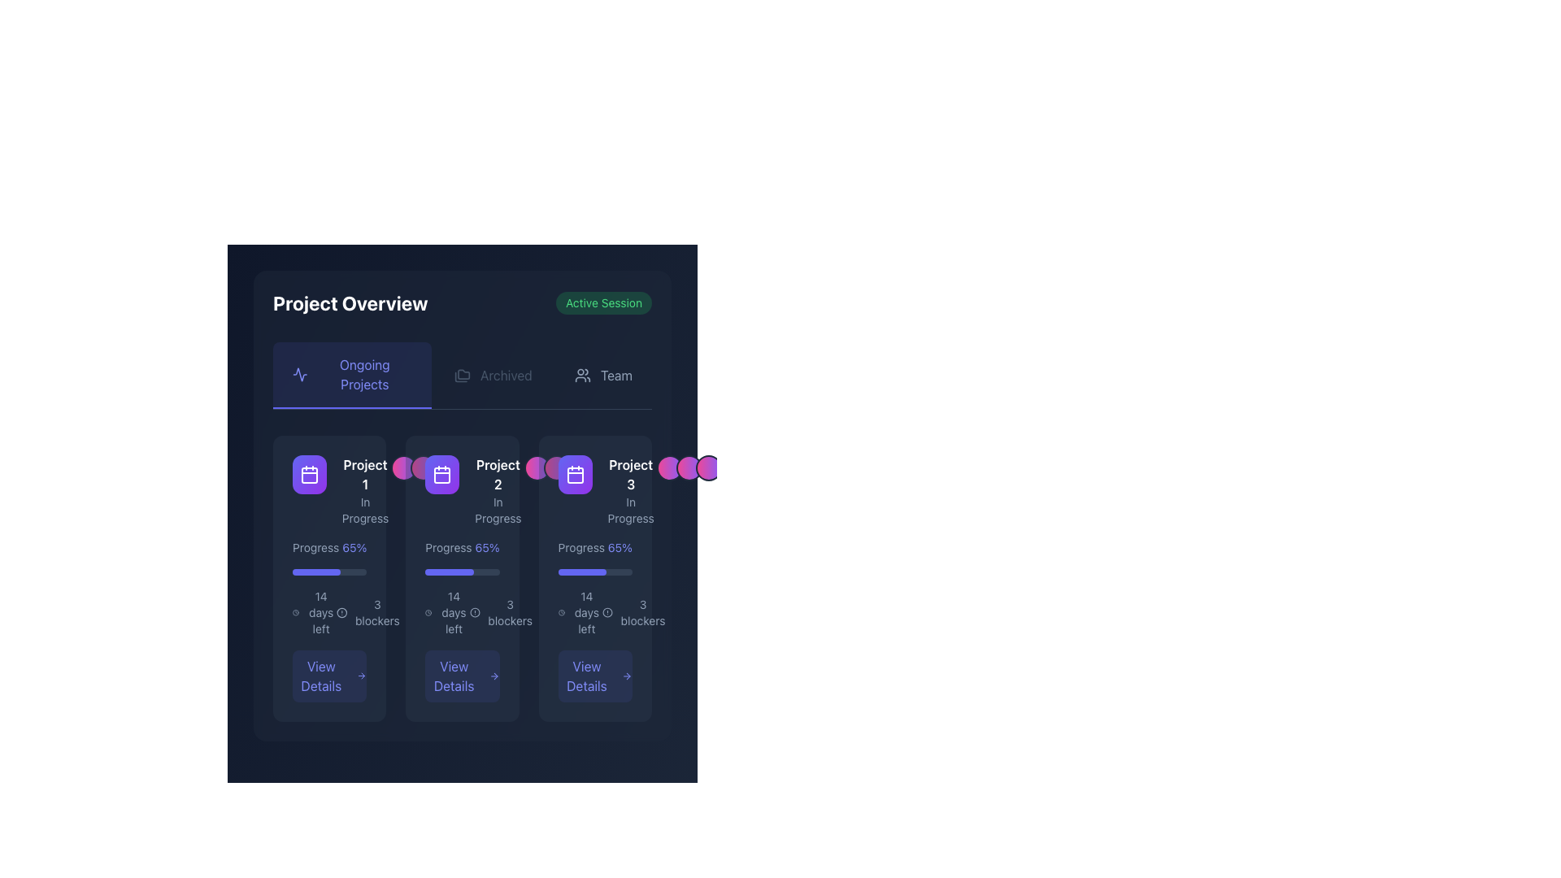 The image size is (1561, 878). What do you see at coordinates (585, 612) in the screenshot?
I see `the status indicator text label located in the lower portion of the 'Project 3' card, below the progress bar and next to the clock icon` at bounding box center [585, 612].